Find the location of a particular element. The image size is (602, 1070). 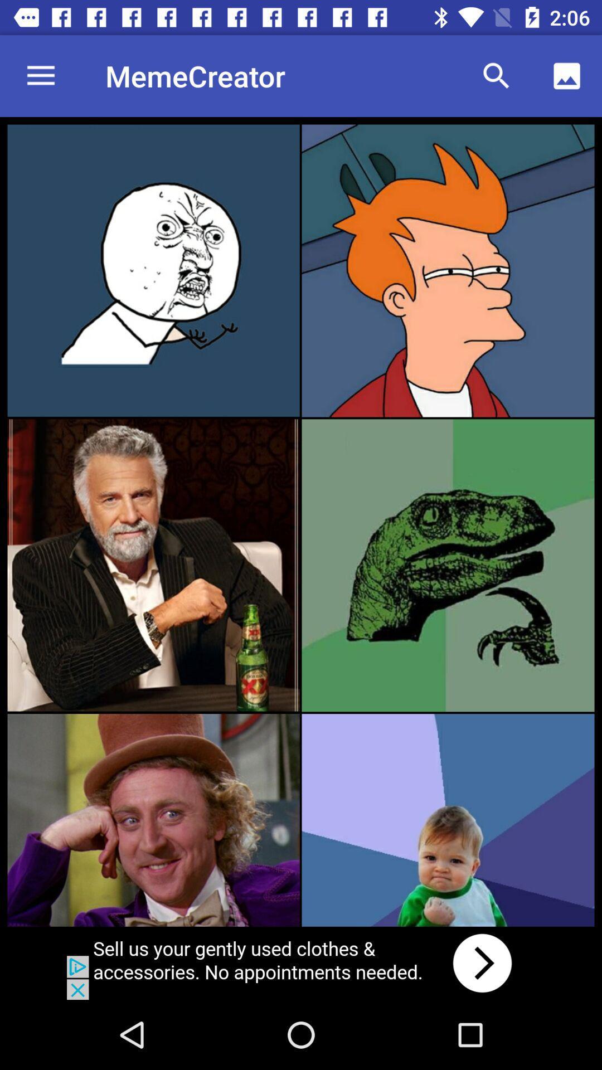

click photo to create meme from template is located at coordinates (447, 270).